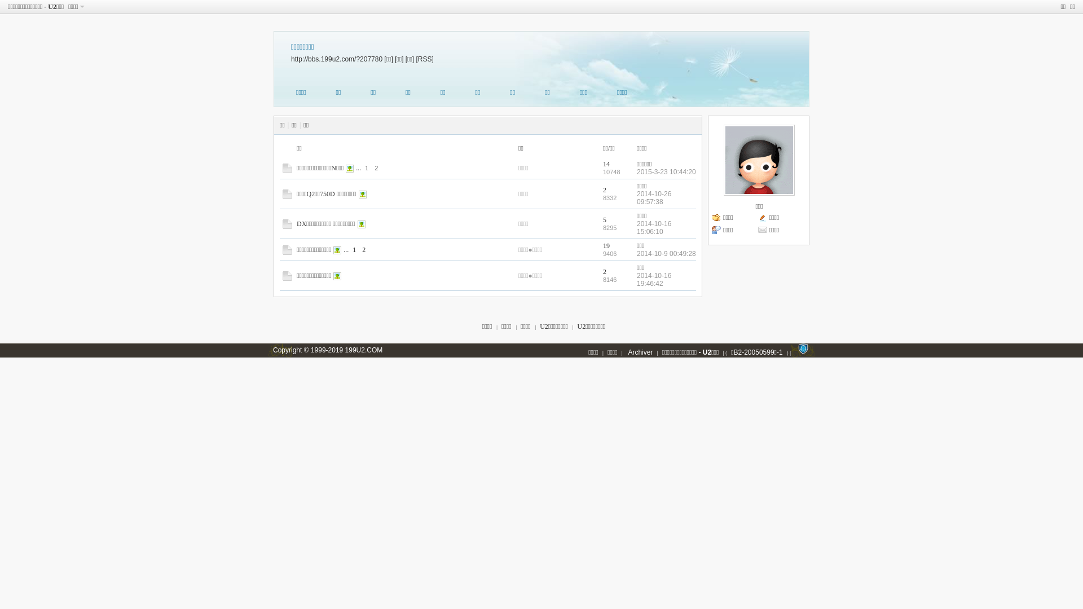  What do you see at coordinates (636, 197) in the screenshot?
I see `'2014-10-26 09:57:38'` at bounding box center [636, 197].